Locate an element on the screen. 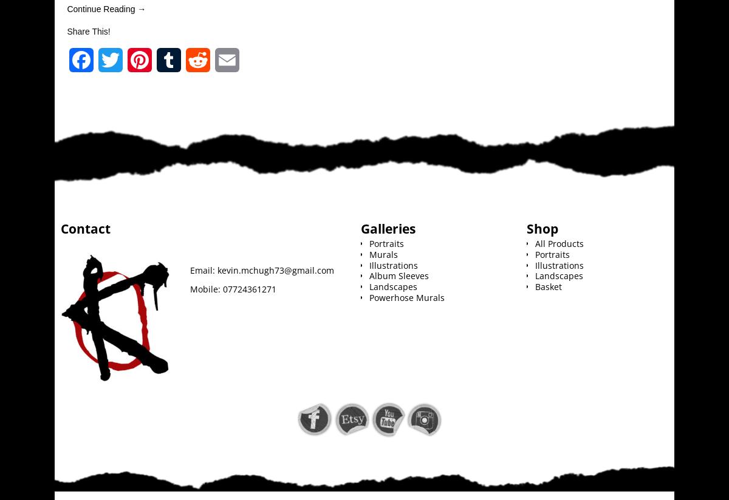 The width and height of the screenshot is (729, 500). 'Email:' is located at coordinates (190, 269).